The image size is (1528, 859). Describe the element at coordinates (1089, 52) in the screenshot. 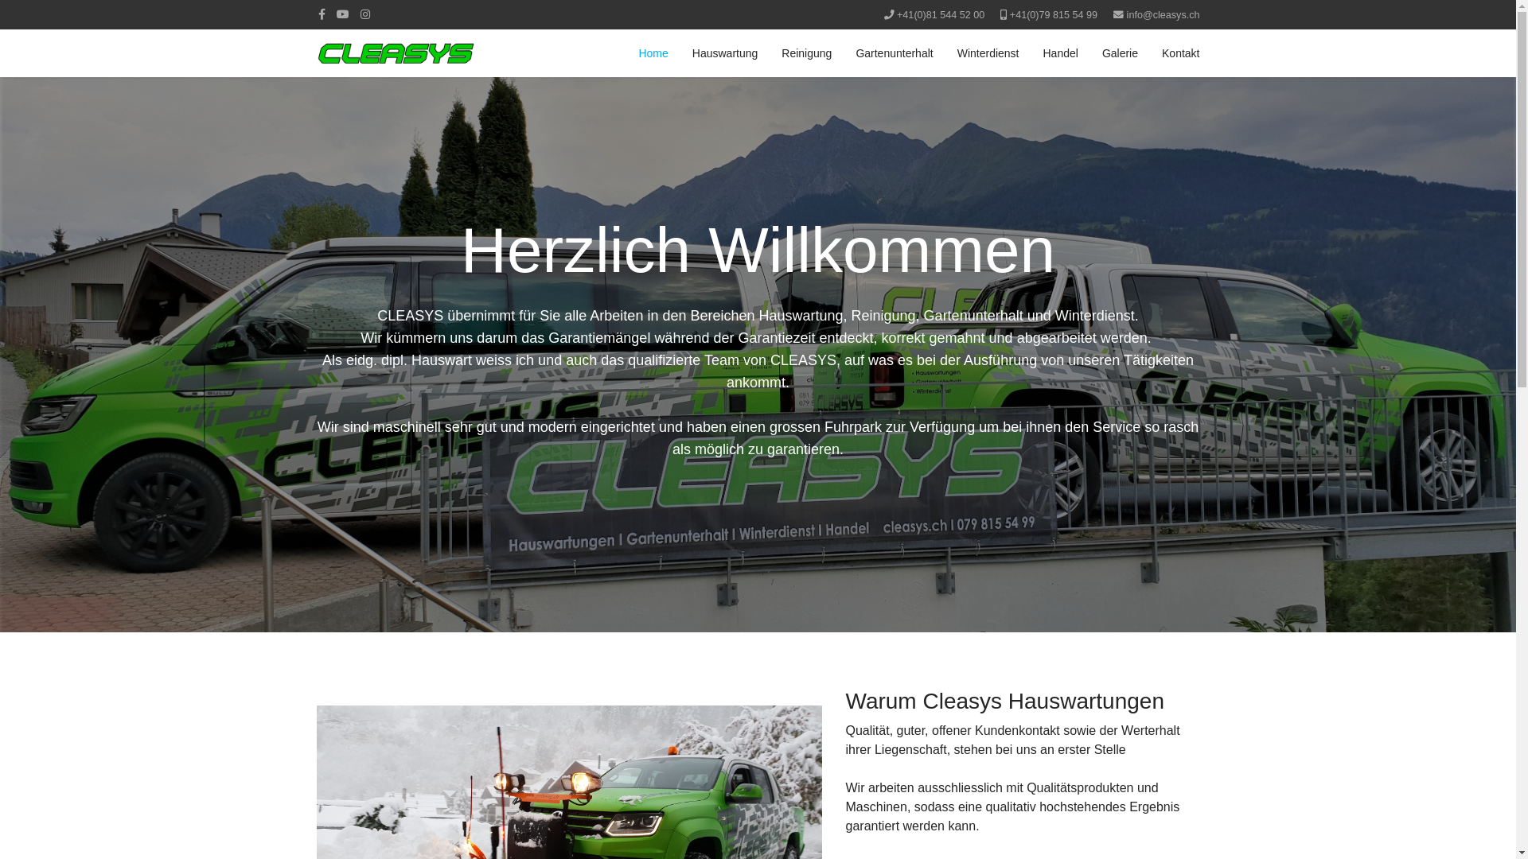

I see `'Galerie'` at that location.